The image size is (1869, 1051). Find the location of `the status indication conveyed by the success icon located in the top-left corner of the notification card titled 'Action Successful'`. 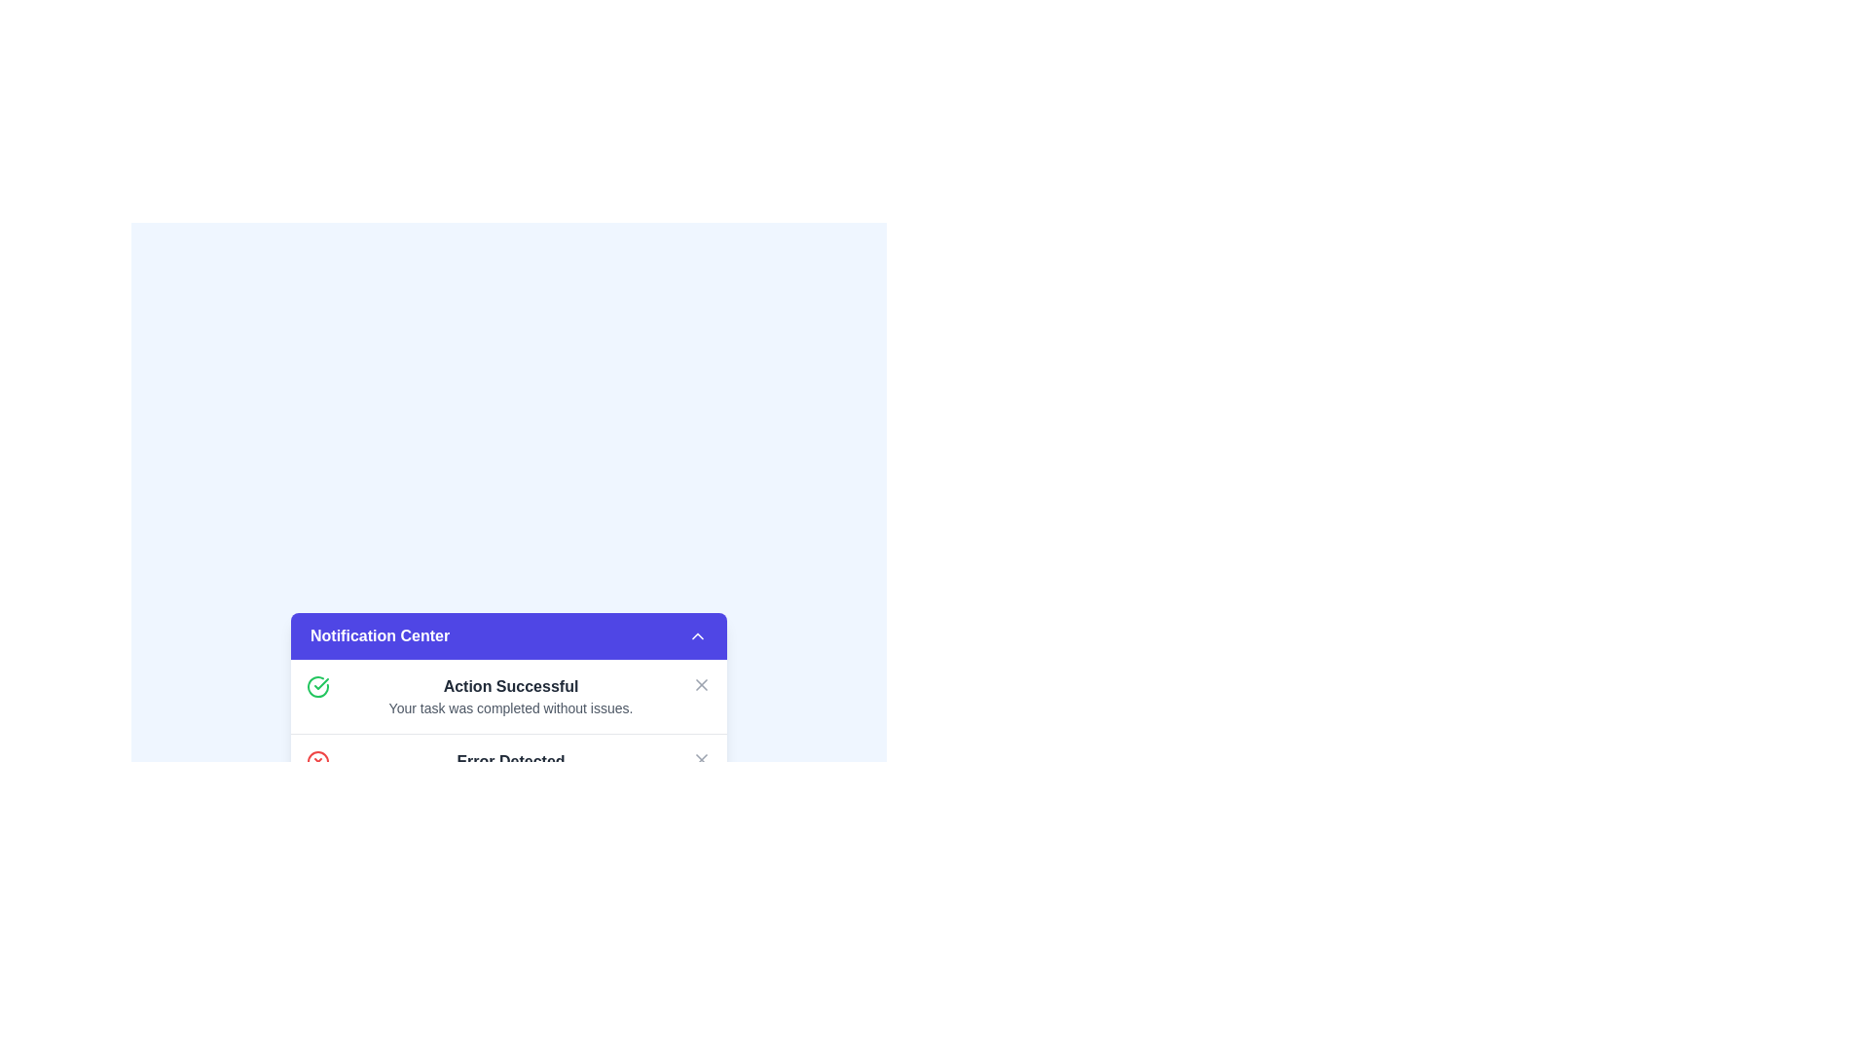

the status indication conveyed by the success icon located in the top-left corner of the notification card titled 'Action Successful' is located at coordinates (317, 685).